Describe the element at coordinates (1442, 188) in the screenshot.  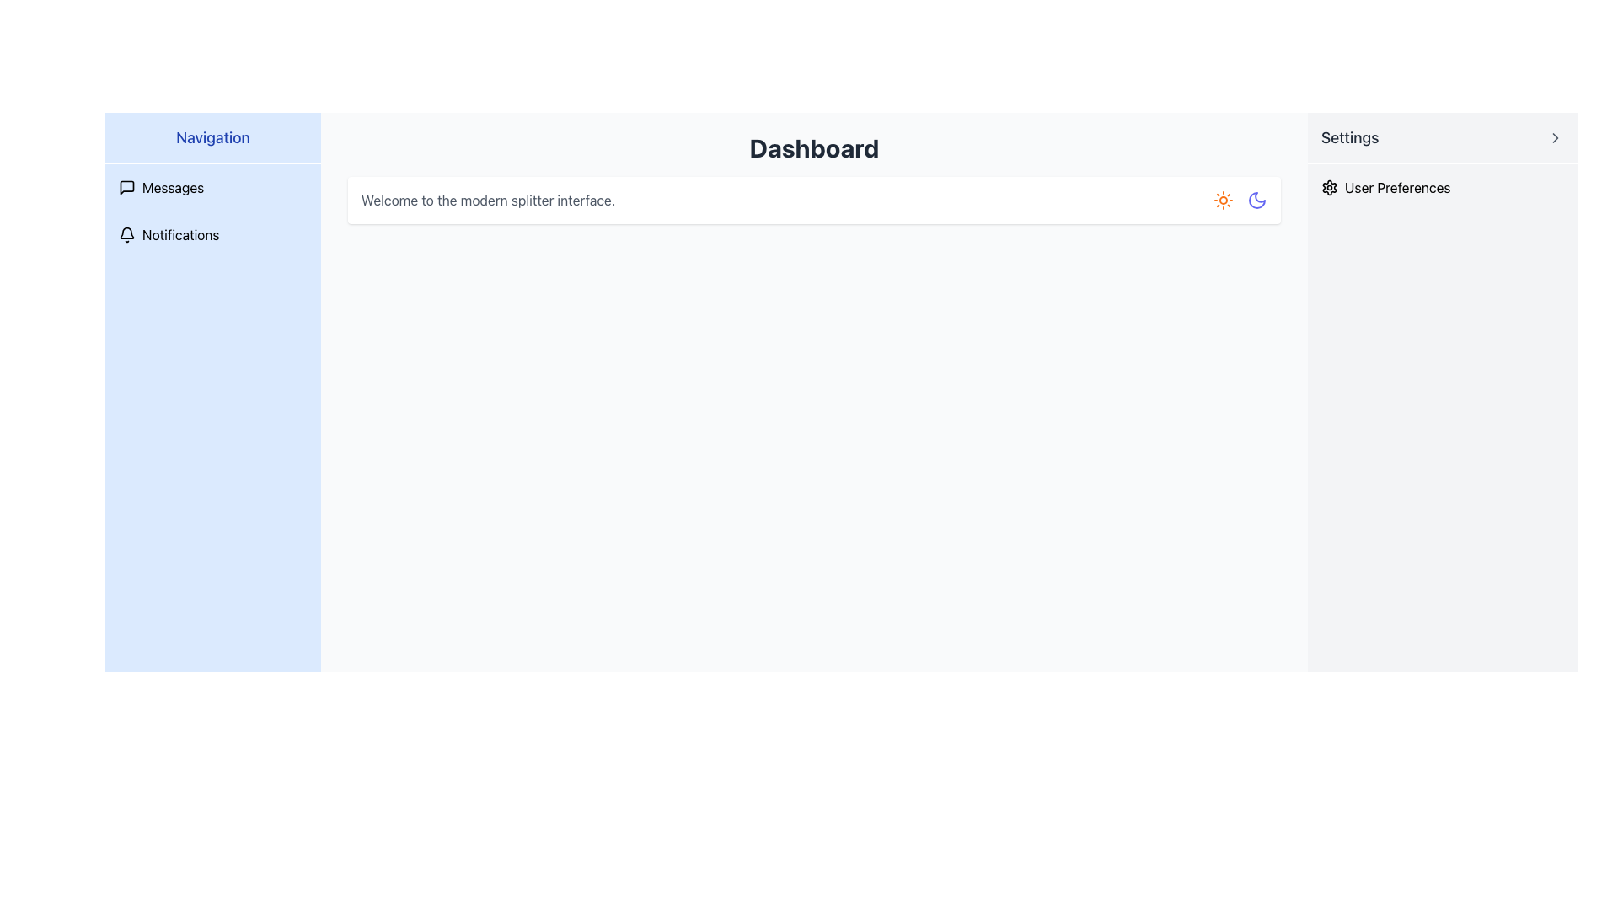
I see `the navigation link styled as a menu item under the 'Settings' section in the right-hand sidebar` at that location.